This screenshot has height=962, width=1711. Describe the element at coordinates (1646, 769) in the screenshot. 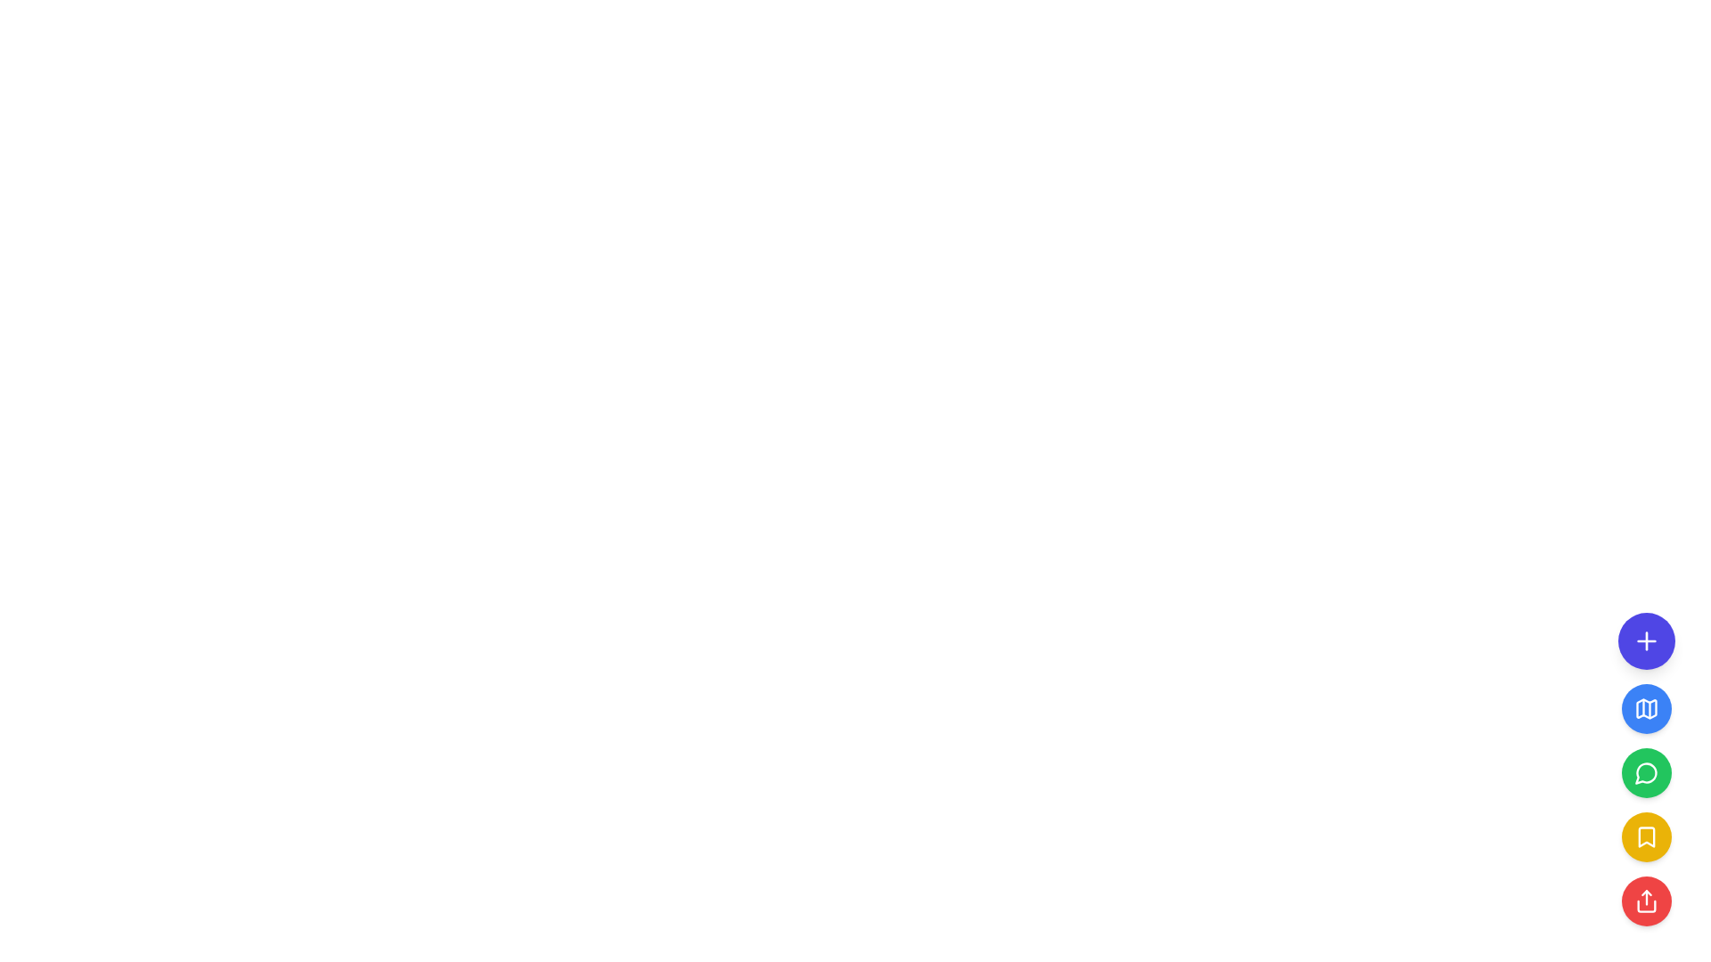

I see `the green circular button with a white chat bubble icon located at the bottom right corner of the interface, positioned between a blue map button and a yellow bookmark button` at that location.